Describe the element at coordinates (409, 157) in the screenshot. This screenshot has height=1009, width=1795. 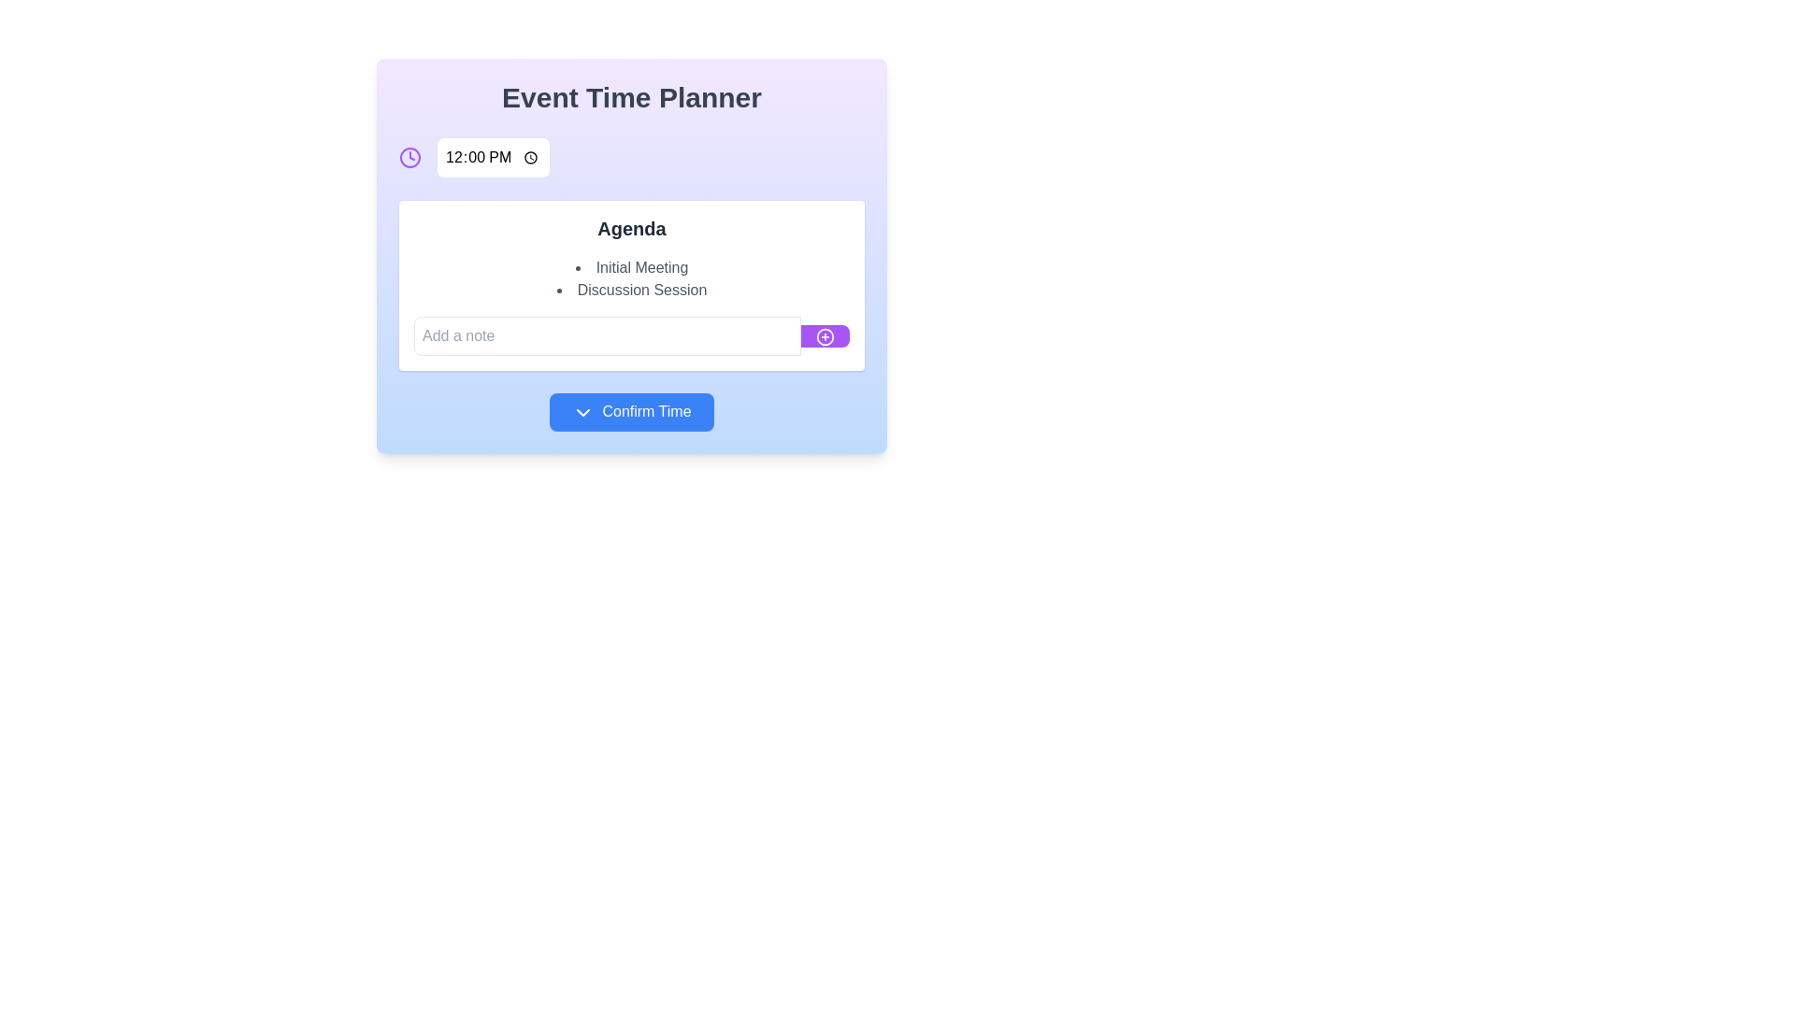
I see `the purple clock icon located to the left of the time input field in the 'Event Time Planner' interface` at that location.